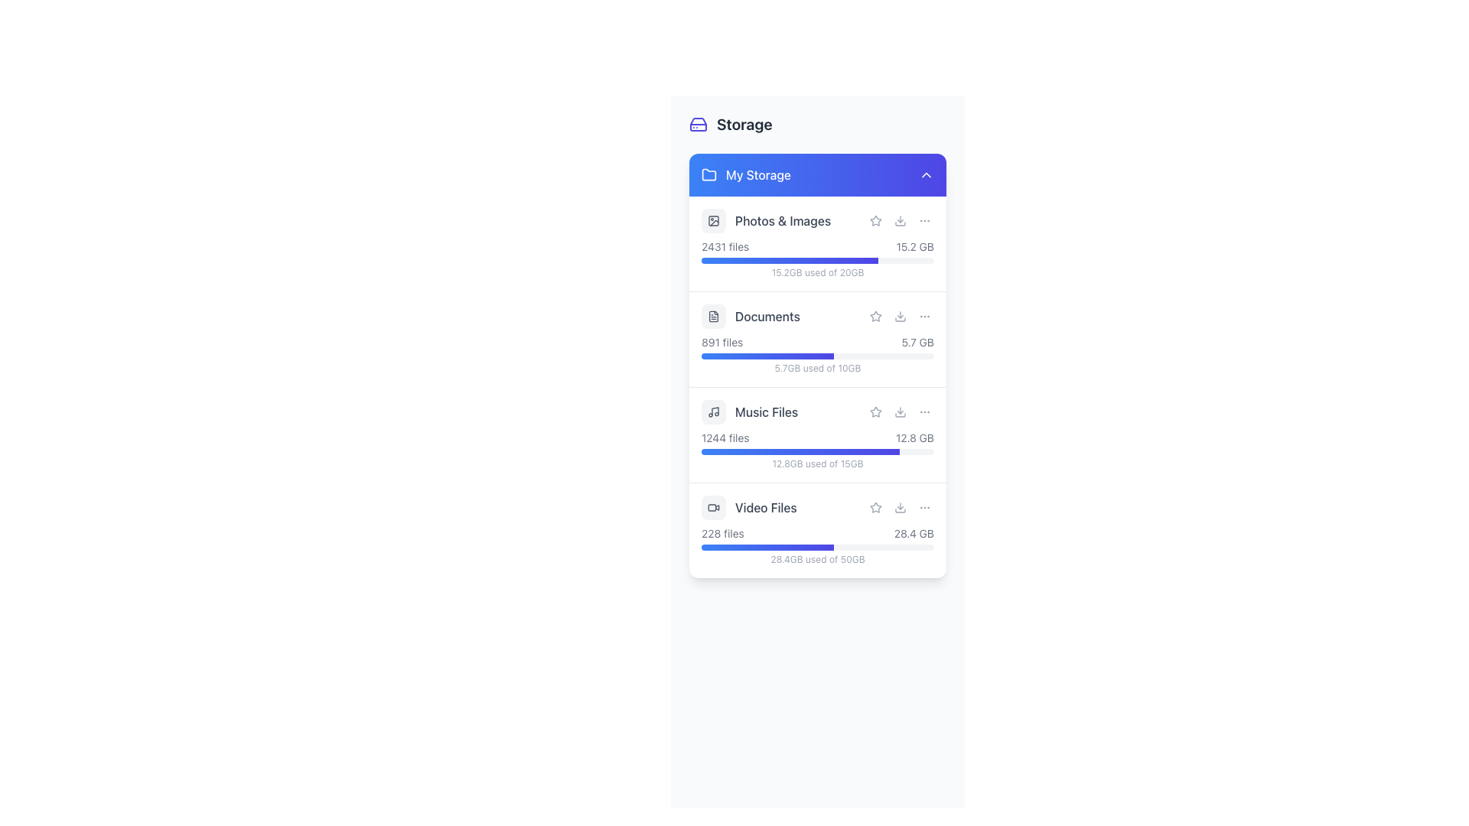  What do you see at coordinates (900, 221) in the screenshot?
I see `the SVG icon button depicting a downward arrow, located on the right side of the 'Photos & Images' row in the storage list interface to observe any style changes` at bounding box center [900, 221].